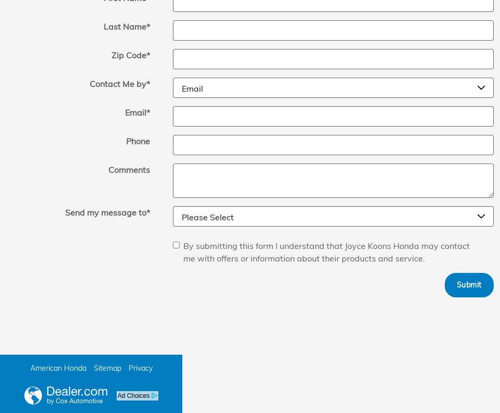  Describe the element at coordinates (326, 251) in the screenshot. I see `'By submitting this form I understand that Joyce Koons Honda may contact me with offers or information about their products and service.'` at that location.